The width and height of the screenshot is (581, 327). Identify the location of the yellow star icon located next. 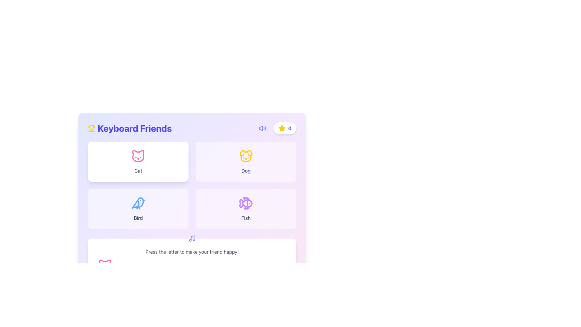
(281, 128).